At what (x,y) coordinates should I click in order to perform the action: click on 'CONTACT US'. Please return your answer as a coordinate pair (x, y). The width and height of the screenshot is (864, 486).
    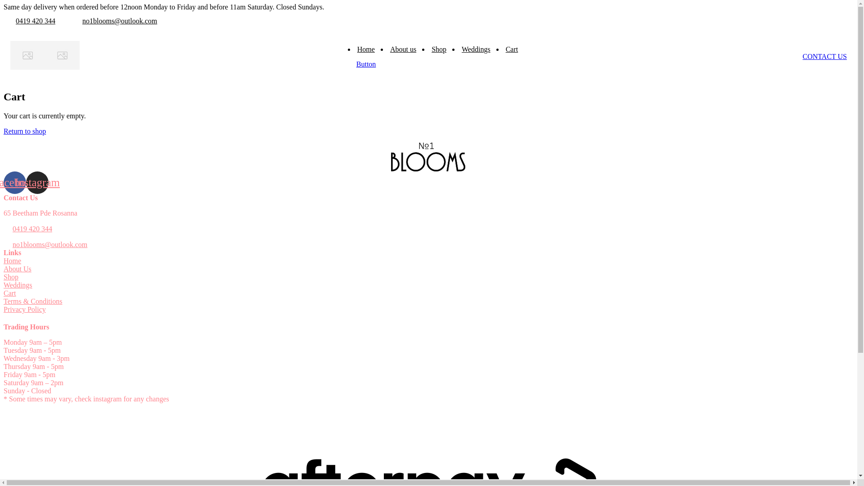
    Looking at the image, I should click on (825, 56).